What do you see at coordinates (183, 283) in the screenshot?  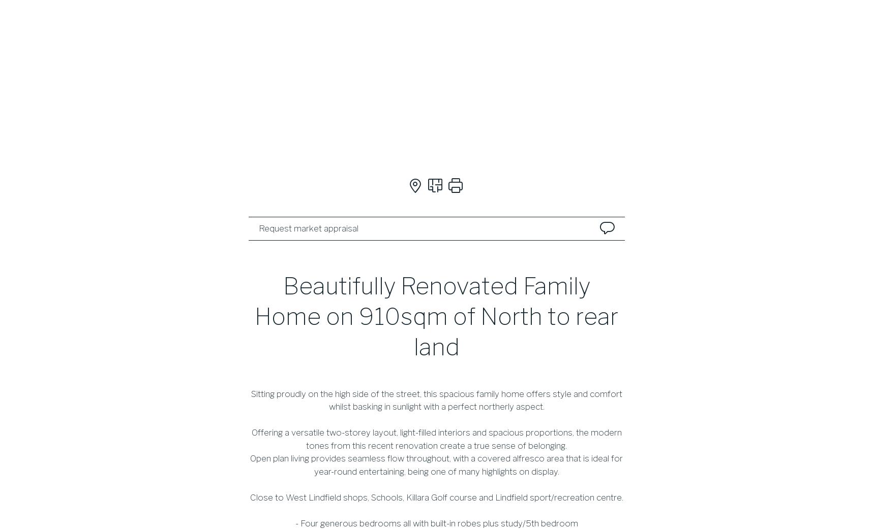 I see `'Forthcoming auctions'` at bounding box center [183, 283].